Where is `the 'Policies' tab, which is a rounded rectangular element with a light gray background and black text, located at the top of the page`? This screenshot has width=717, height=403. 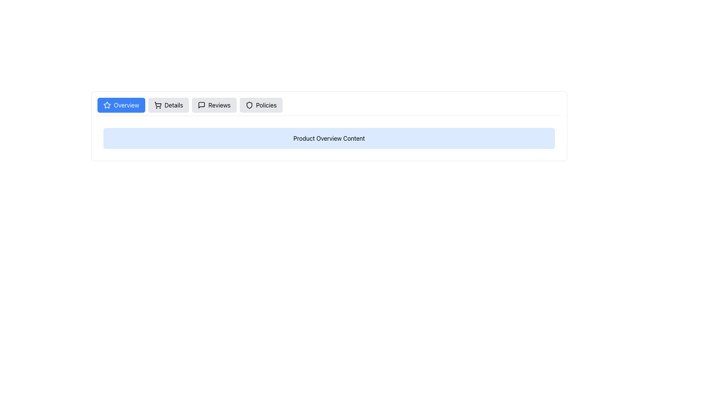
the 'Policies' tab, which is a rounded rectangular element with a light gray background and black text, located at the top of the page is located at coordinates (261, 105).